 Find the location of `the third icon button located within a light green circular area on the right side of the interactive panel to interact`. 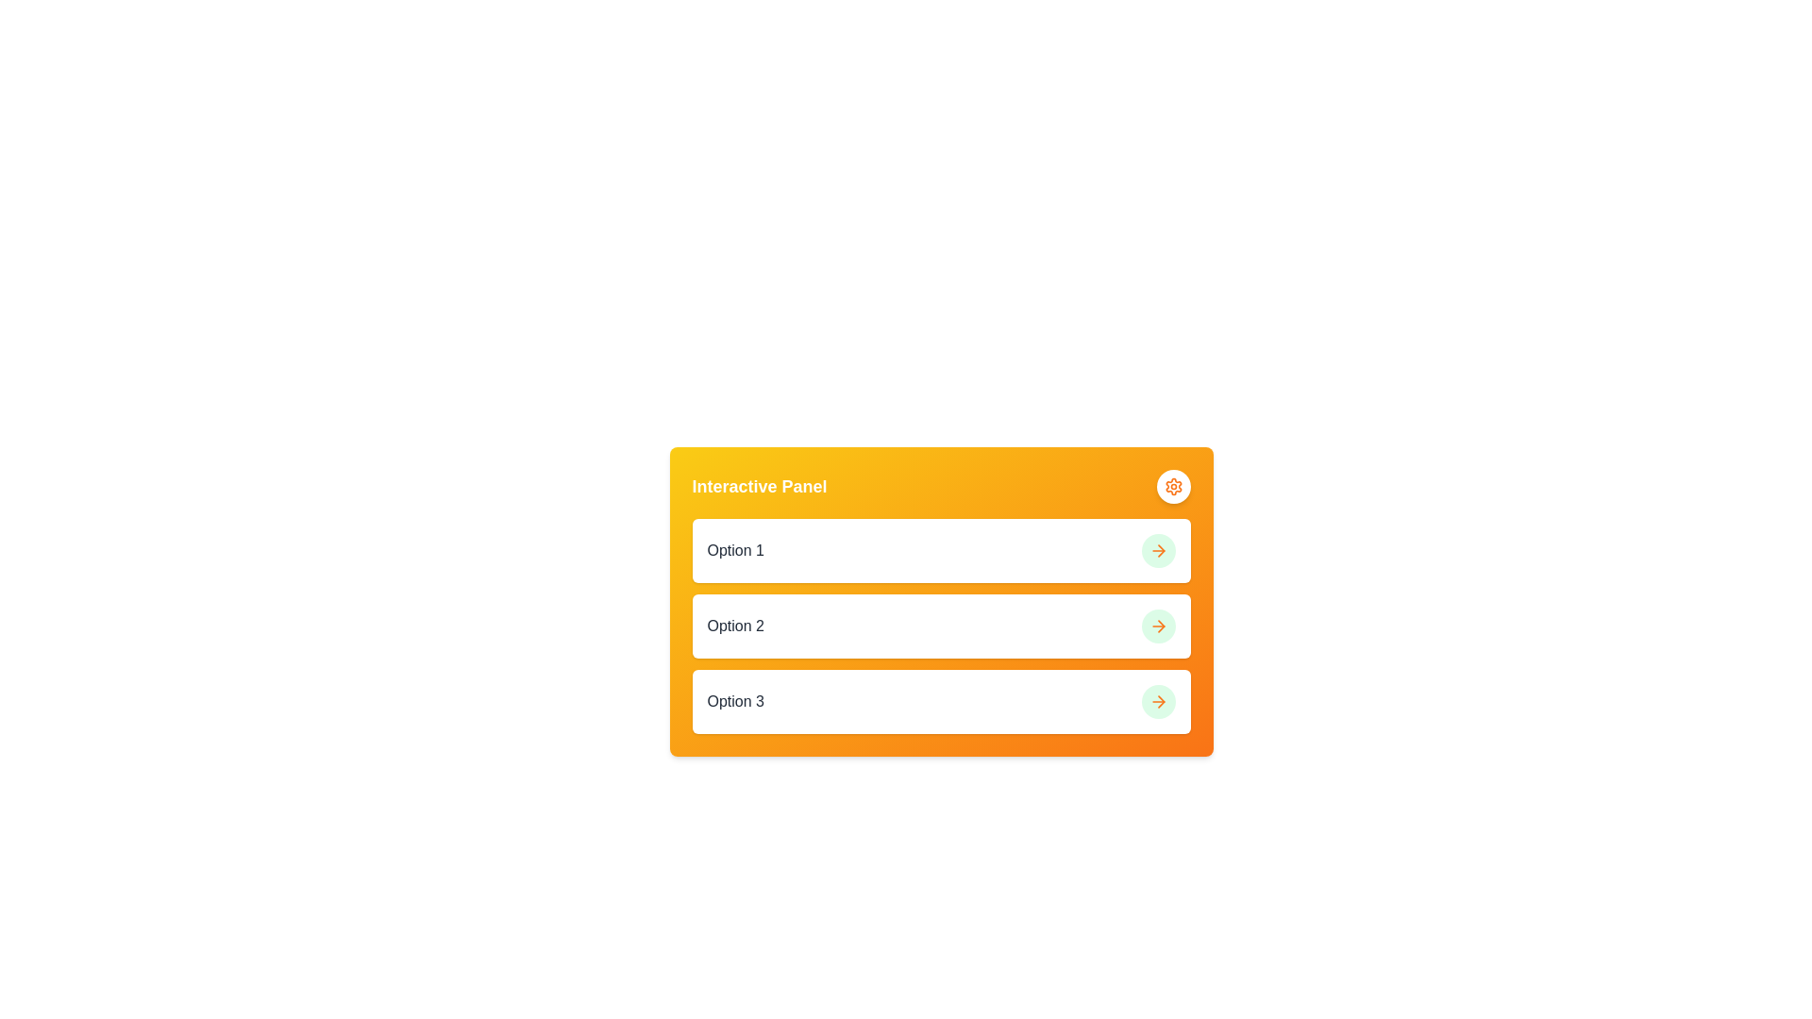

the third icon button located within a light green circular area on the right side of the interactive panel to interact is located at coordinates (1157, 702).